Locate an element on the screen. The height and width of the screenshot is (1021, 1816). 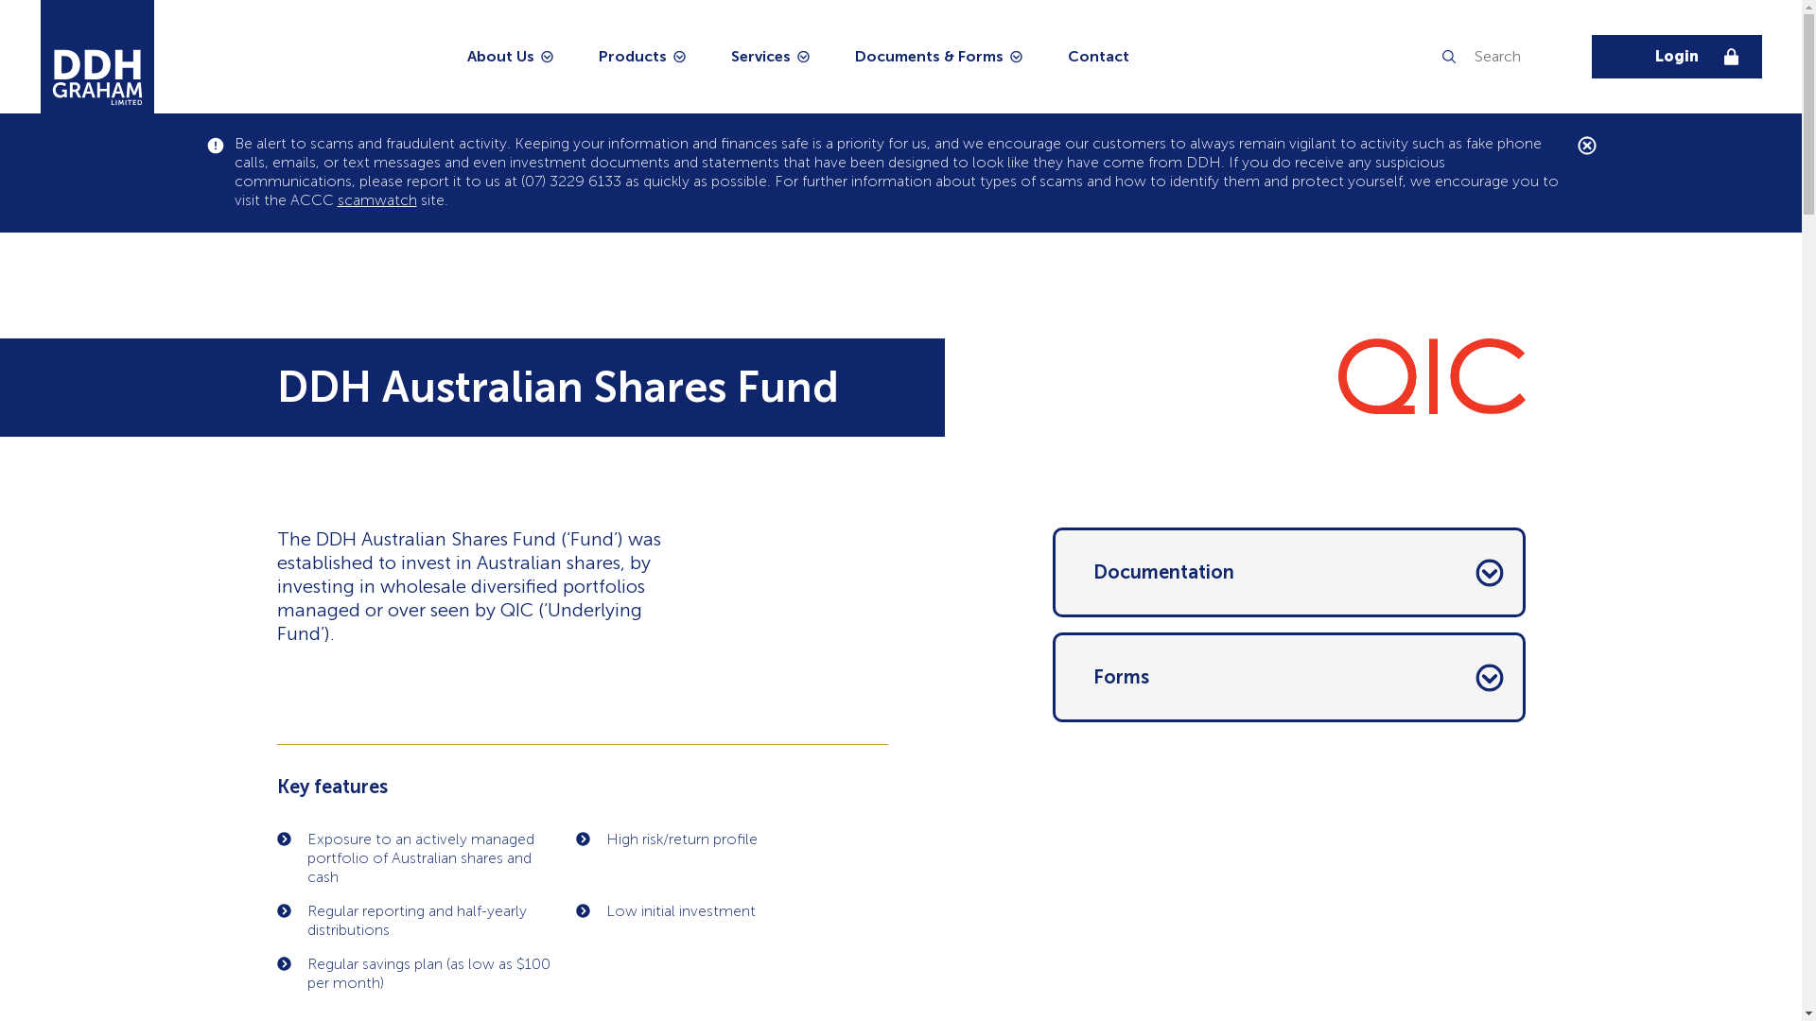
'scamwatch' is located at coordinates (376, 199).